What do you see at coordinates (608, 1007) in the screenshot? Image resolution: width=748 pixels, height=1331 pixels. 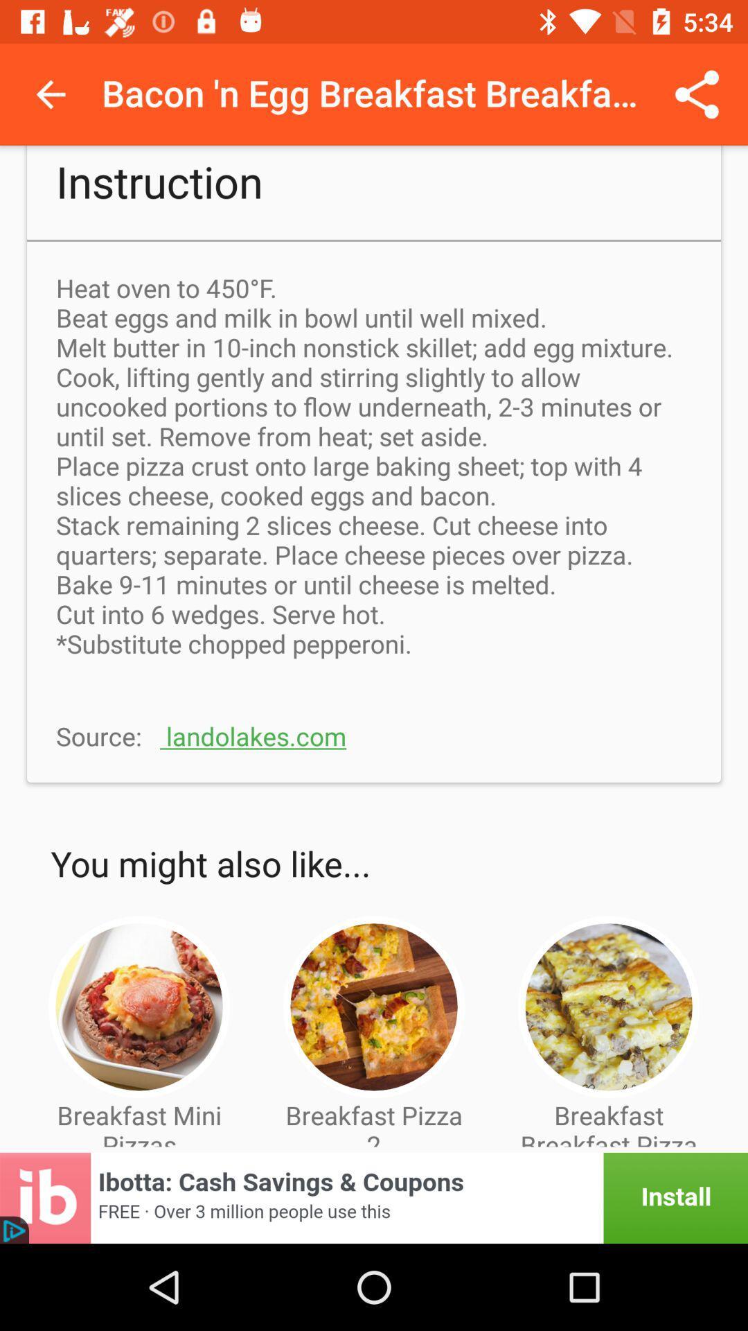 I see `the image which is above the text breakfast breakfast pizza` at bounding box center [608, 1007].